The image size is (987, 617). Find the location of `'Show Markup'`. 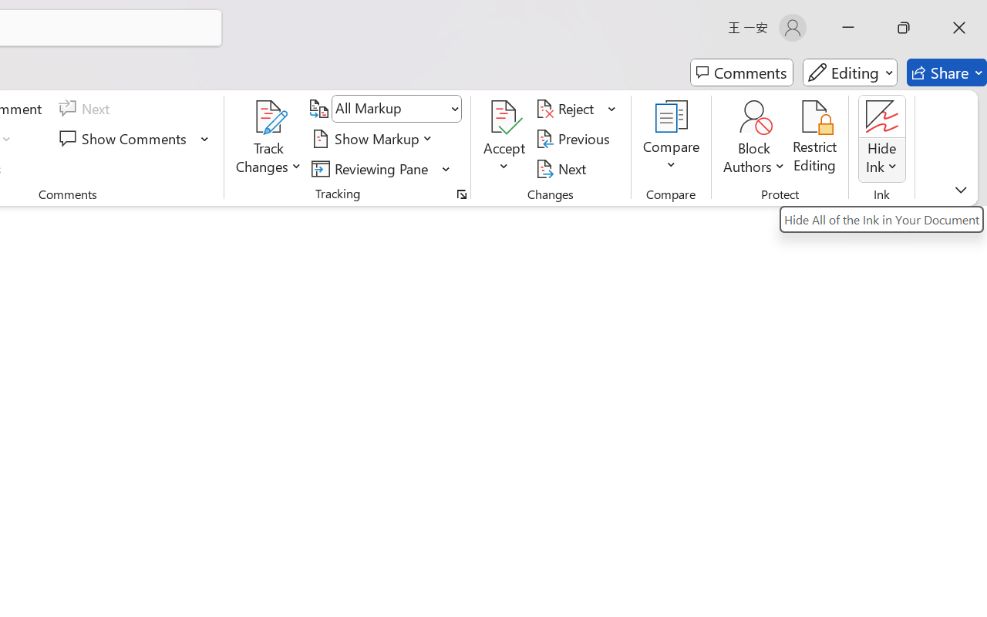

'Show Markup' is located at coordinates (374, 138).